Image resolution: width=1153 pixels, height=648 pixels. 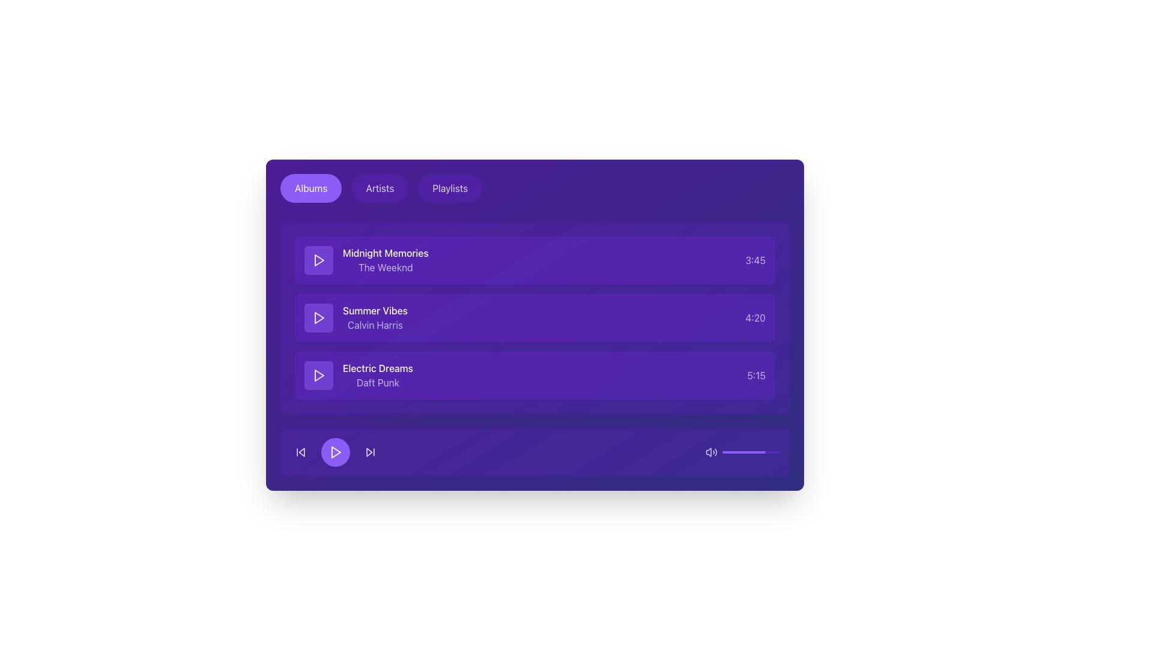 I want to click on the violet speaker icon with sound waves, so click(x=712, y=452).